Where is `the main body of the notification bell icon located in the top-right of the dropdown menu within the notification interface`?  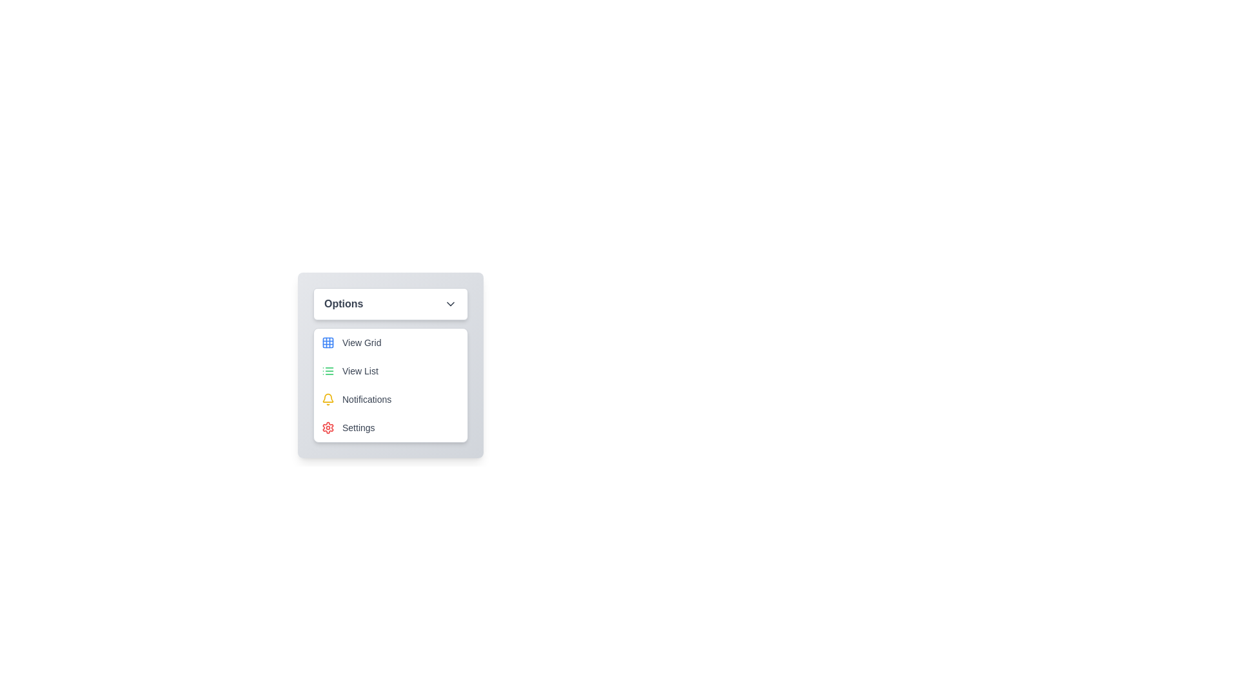
the main body of the notification bell icon located in the top-right of the dropdown menu within the notification interface is located at coordinates (328, 397).